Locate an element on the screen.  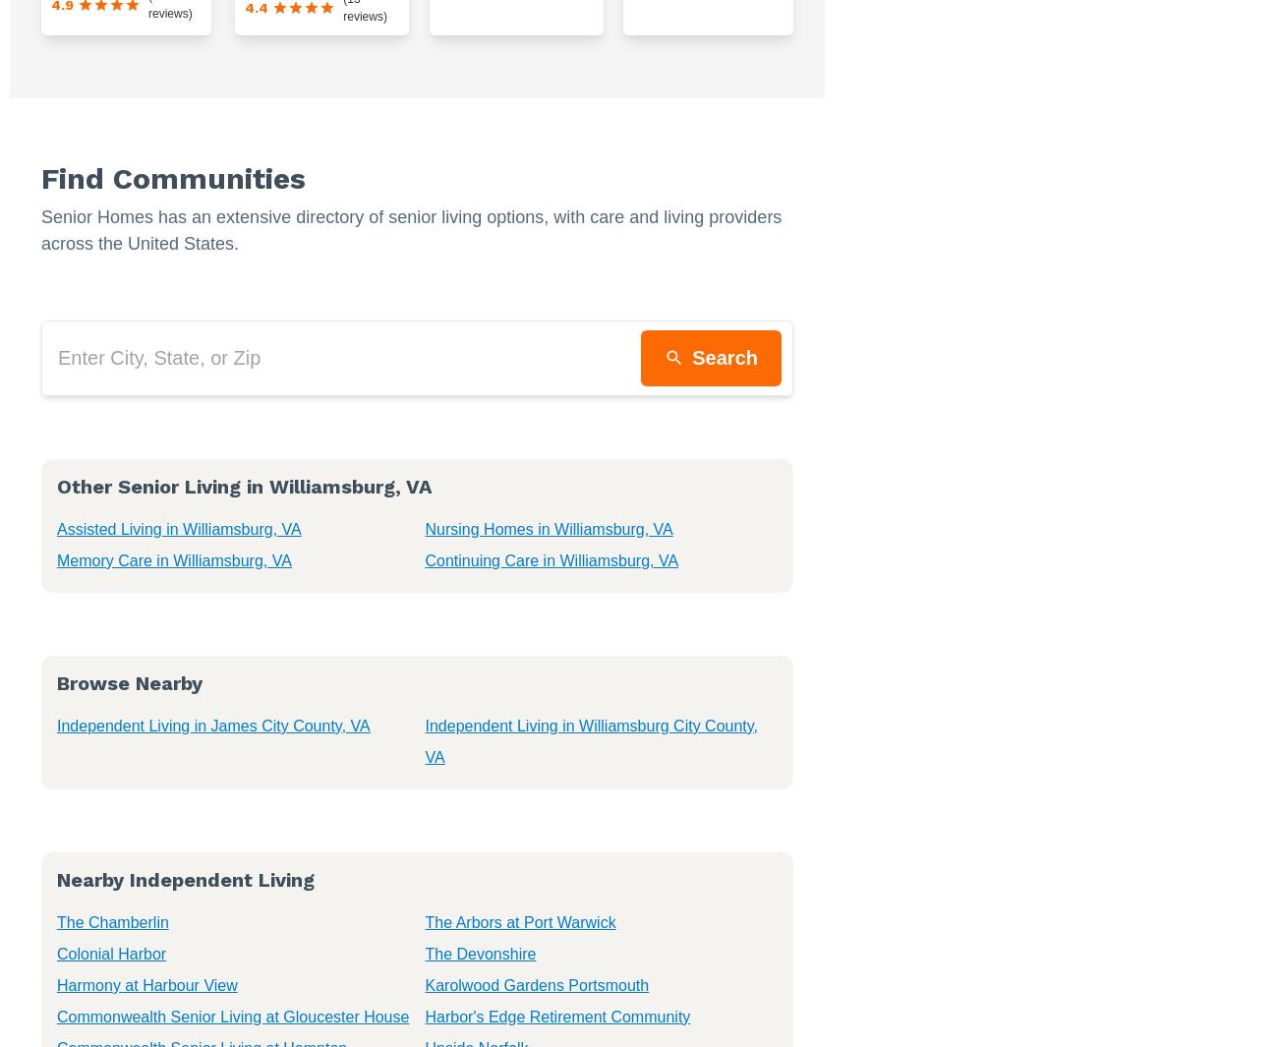
'The Arbors at Port Warwick' is located at coordinates (519, 921).